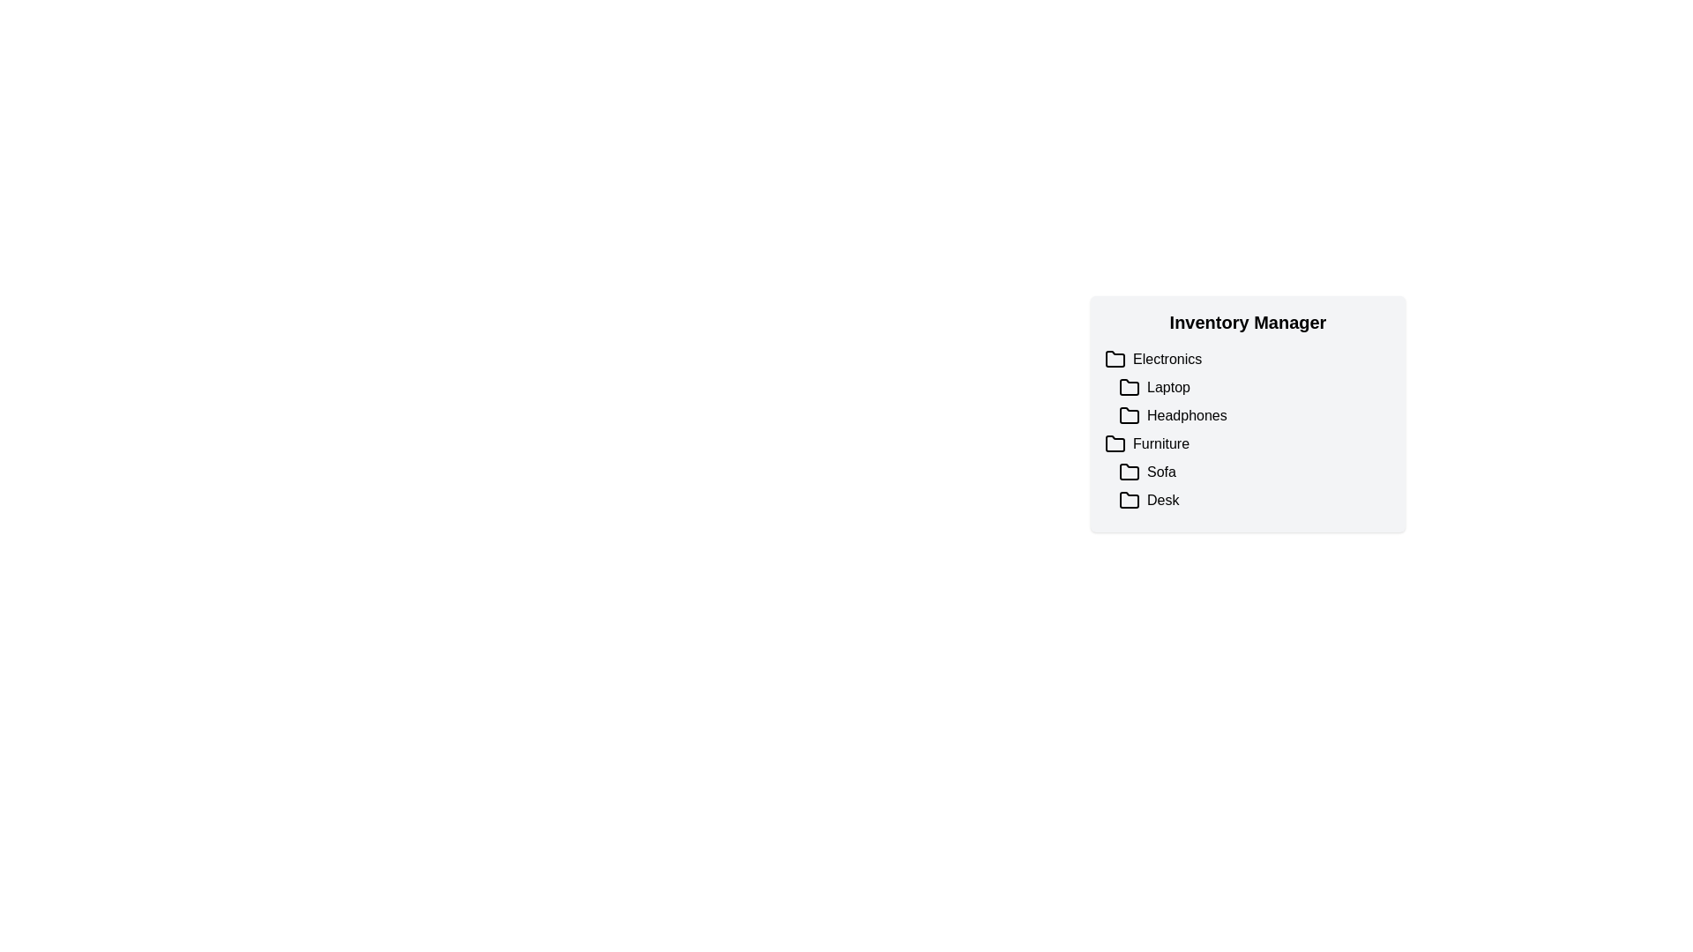 The width and height of the screenshot is (1693, 952). What do you see at coordinates (1130, 471) in the screenshot?
I see `the fourth folder icon next to the text 'Sofa' under the 'Furniture' category` at bounding box center [1130, 471].